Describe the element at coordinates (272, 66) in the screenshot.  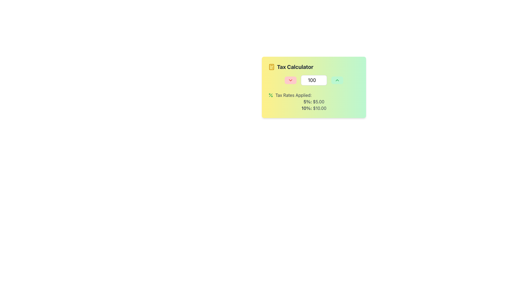
I see `the yellow calculator icon located to the left of the 'Tax Calculator' text` at that location.